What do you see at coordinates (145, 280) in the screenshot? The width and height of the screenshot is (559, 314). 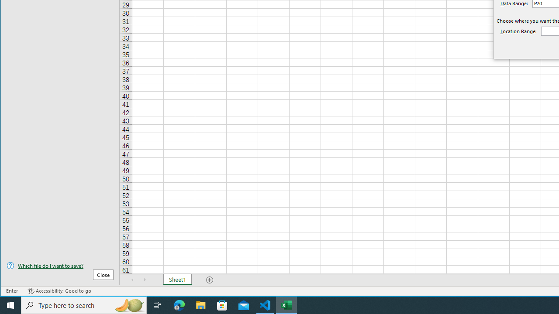 I see `'Scroll Right'` at bounding box center [145, 280].